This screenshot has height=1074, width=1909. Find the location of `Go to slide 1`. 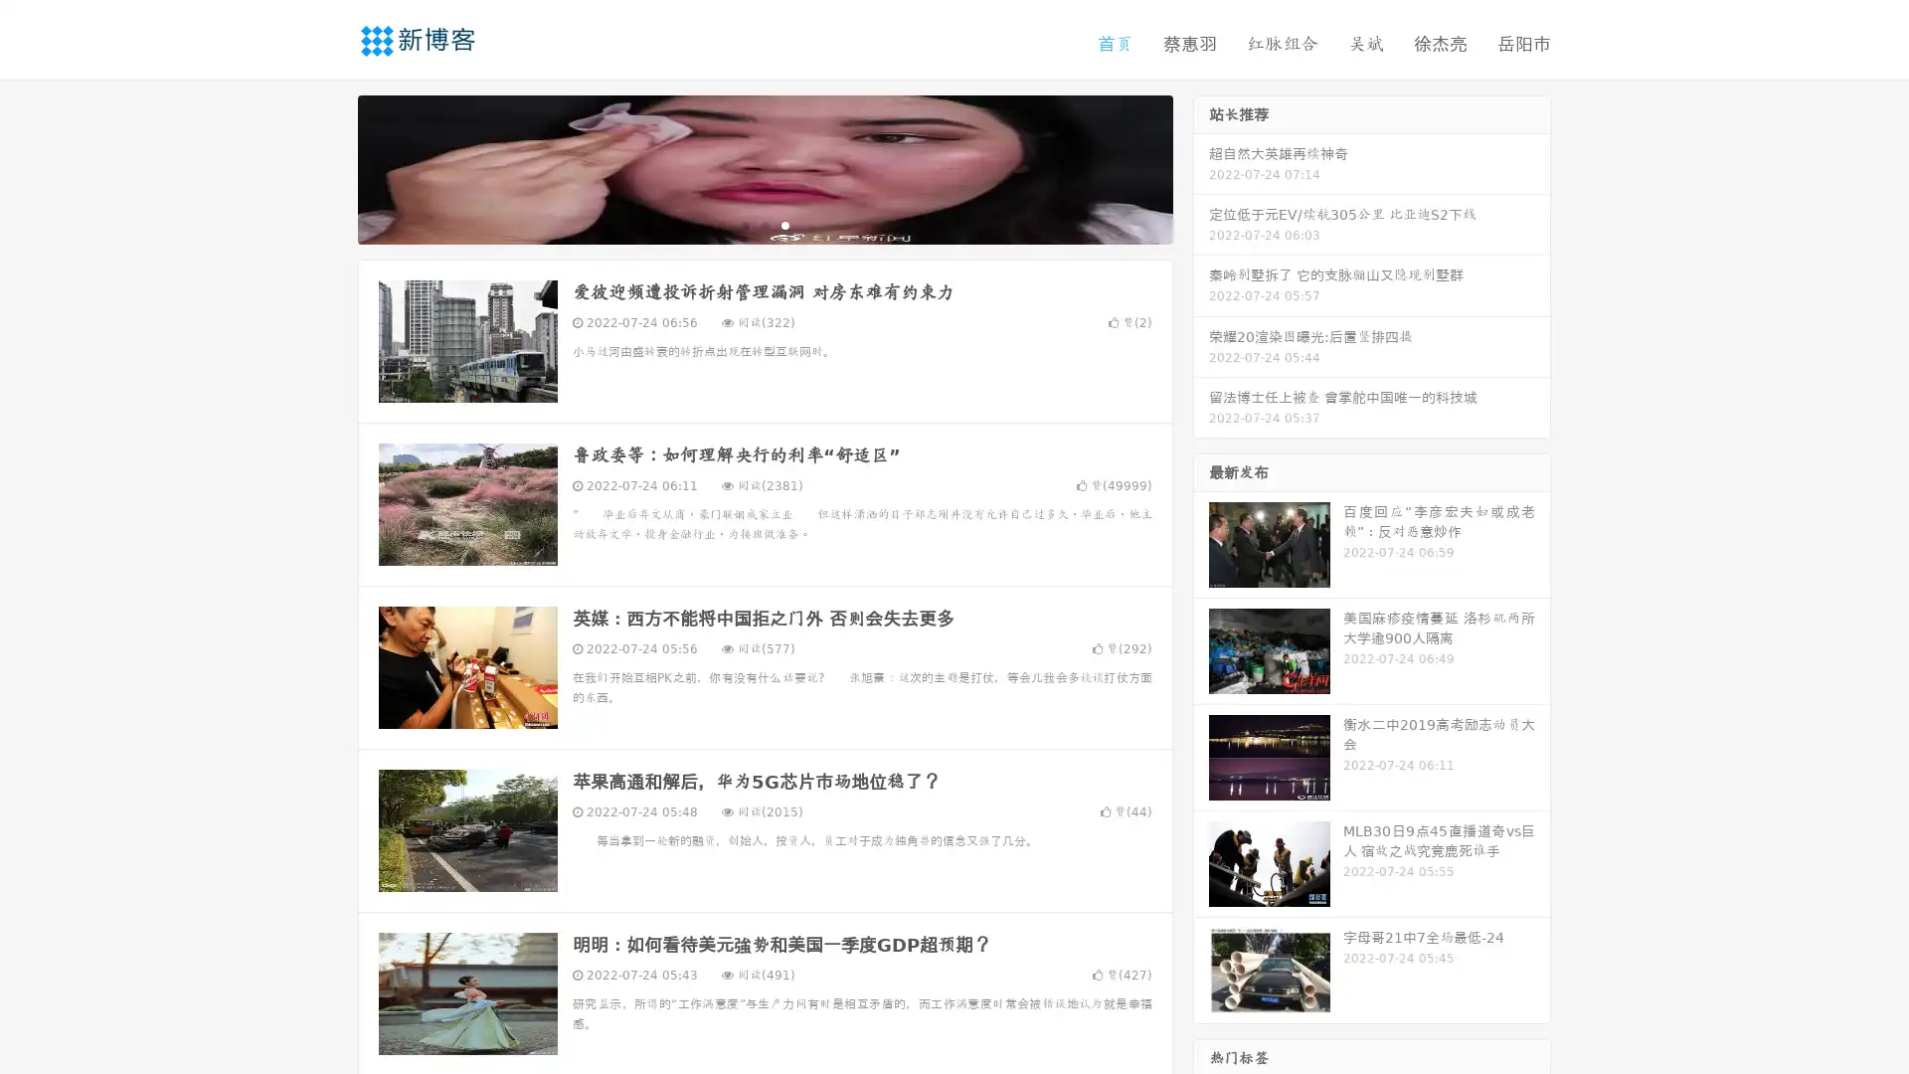

Go to slide 1 is located at coordinates (744, 224).